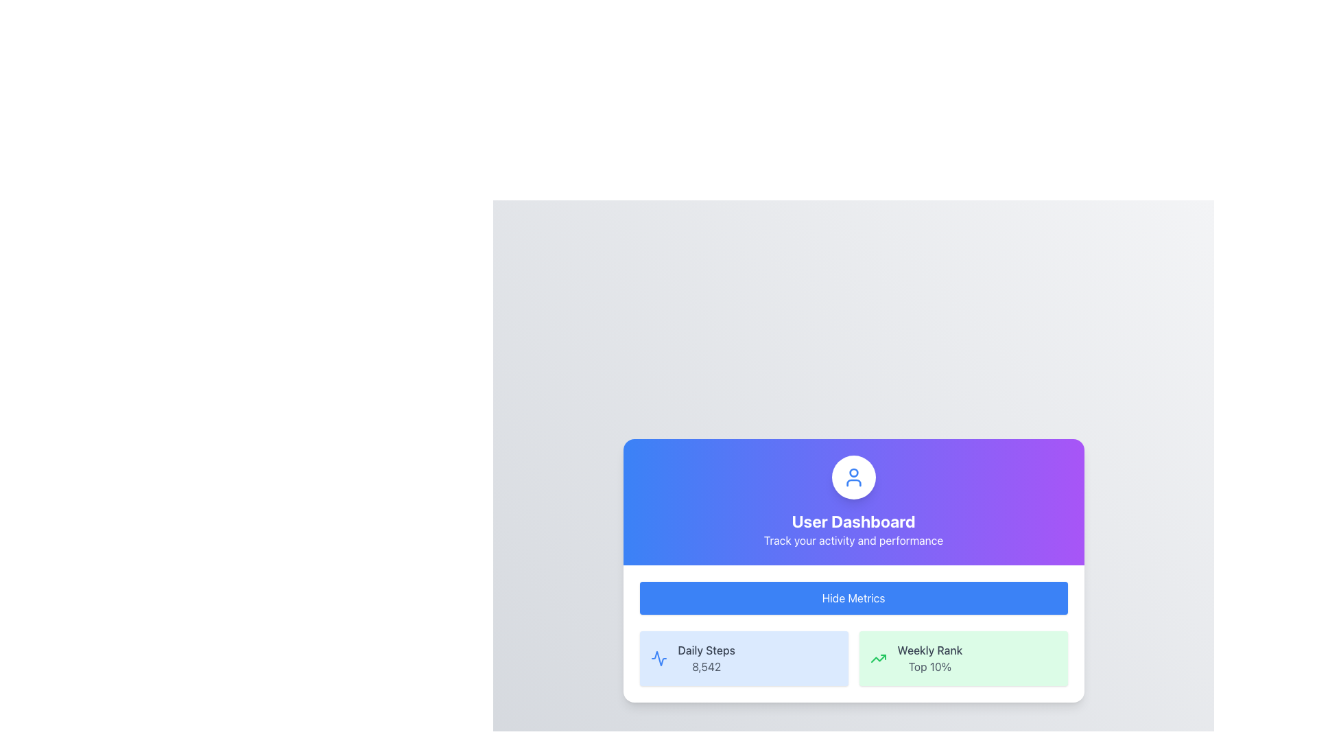 The width and height of the screenshot is (1317, 741). Describe the element at coordinates (929, 658) in the screenshot. I see `the 'Weekly Rank' text display element, which is styled with a medium font weight and a gray color, located in the lower-right section of the card below the 'Hide Metrics' button` at that location.